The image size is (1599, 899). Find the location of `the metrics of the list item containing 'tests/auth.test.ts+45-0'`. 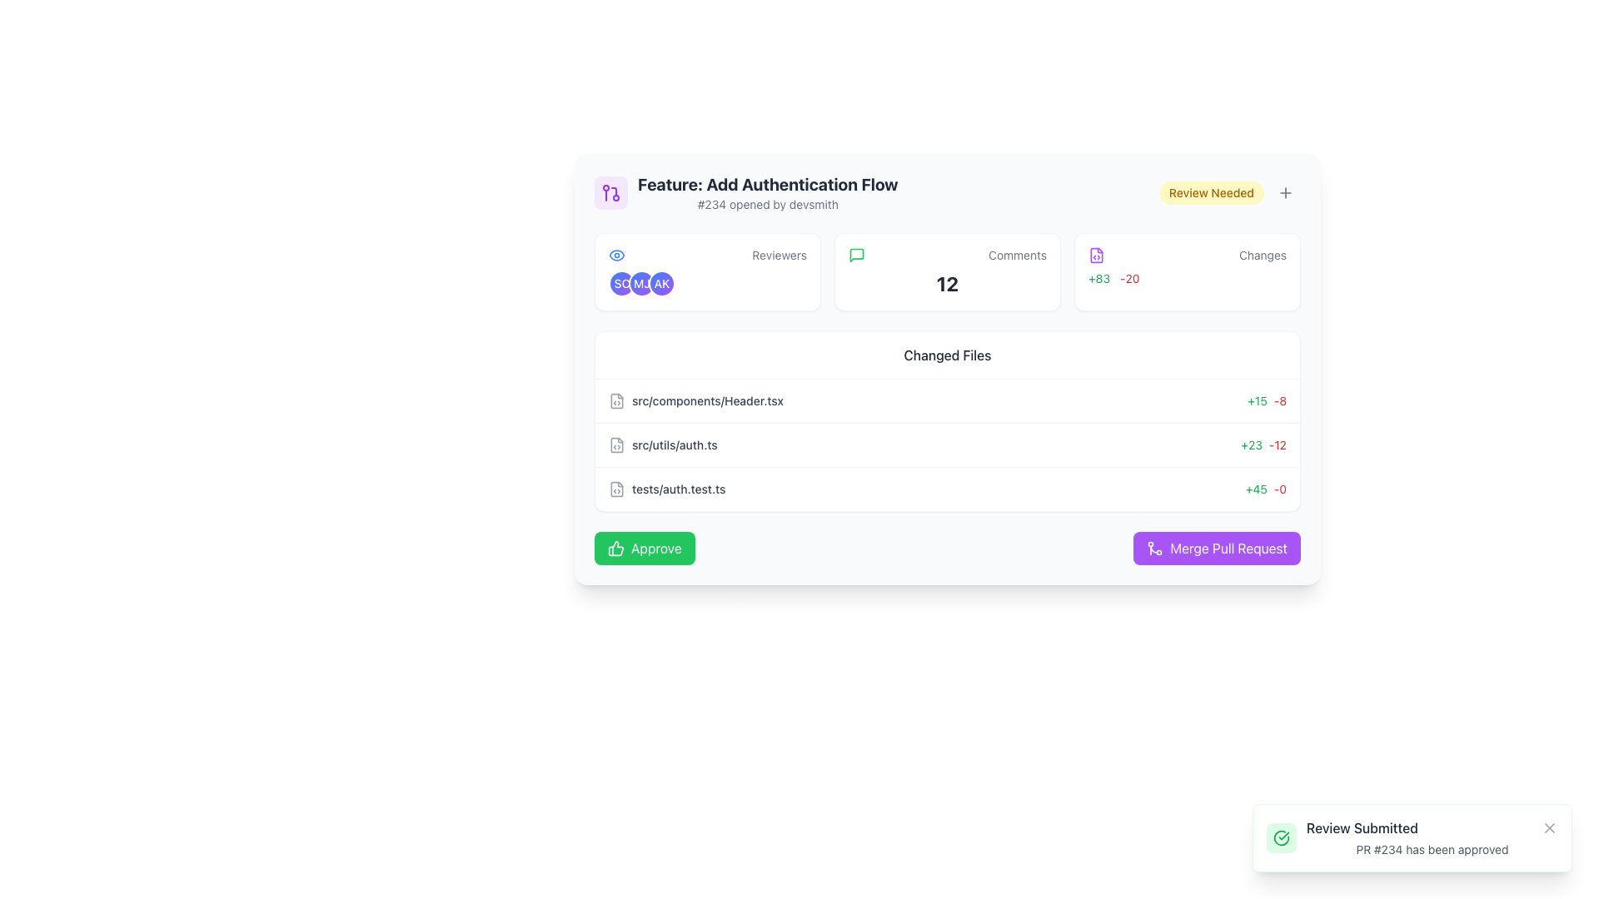

the metrics of the list item containing 'tests/auth.test.ts+45-0' is located at coordinates (947, 488).